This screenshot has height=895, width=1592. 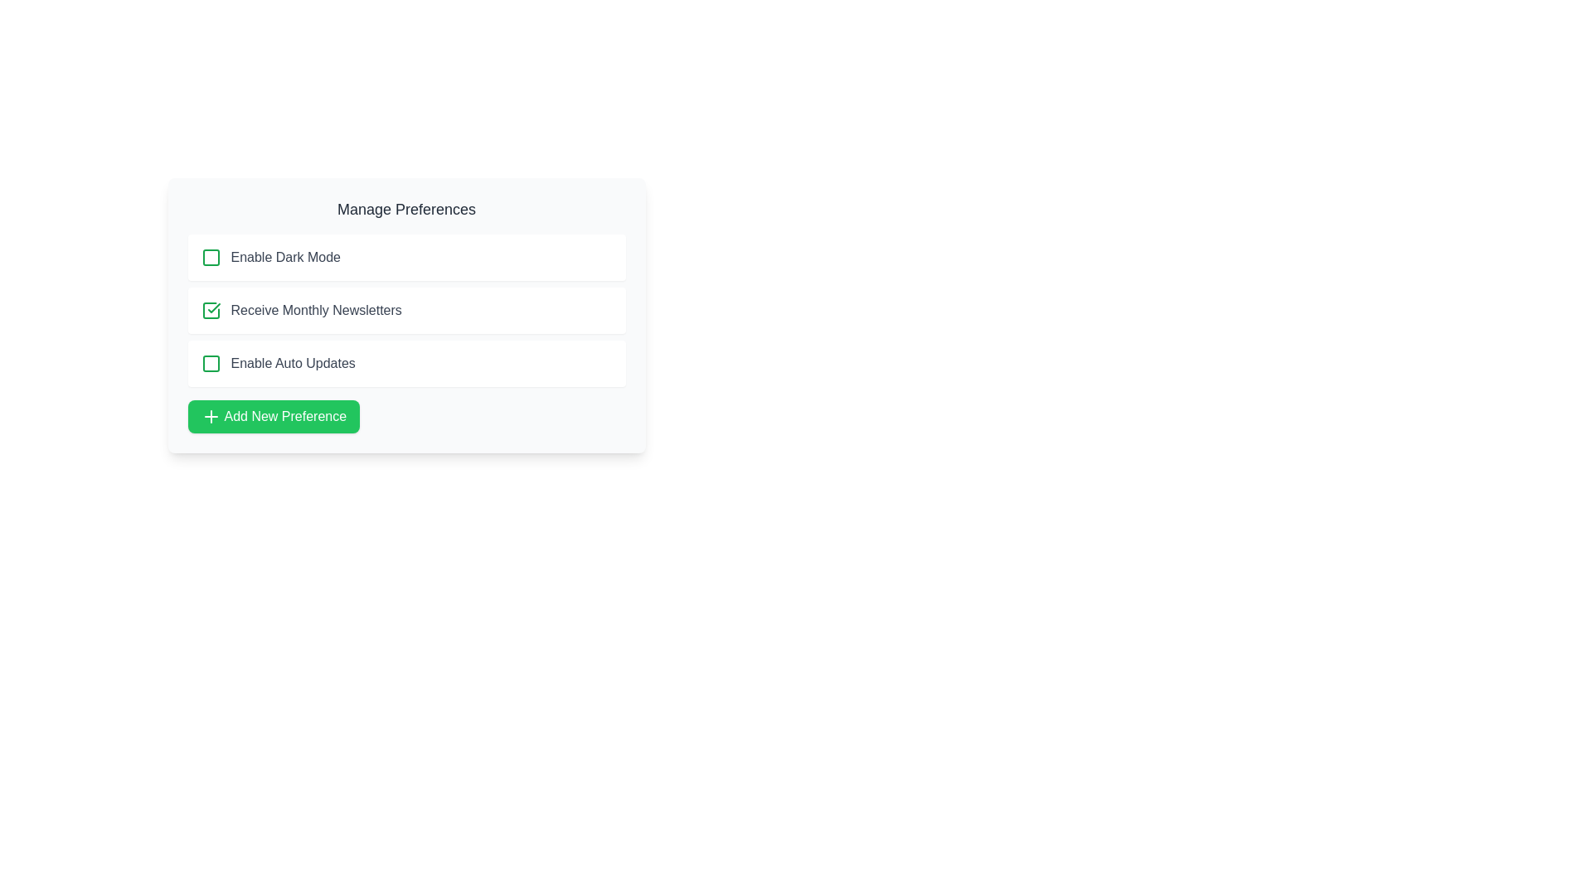 I want to click on the 'Manage Preferences' heading text, which is a bold and centrally aligned title at the top of a card layout for preference options, so click(x=406, y=209).